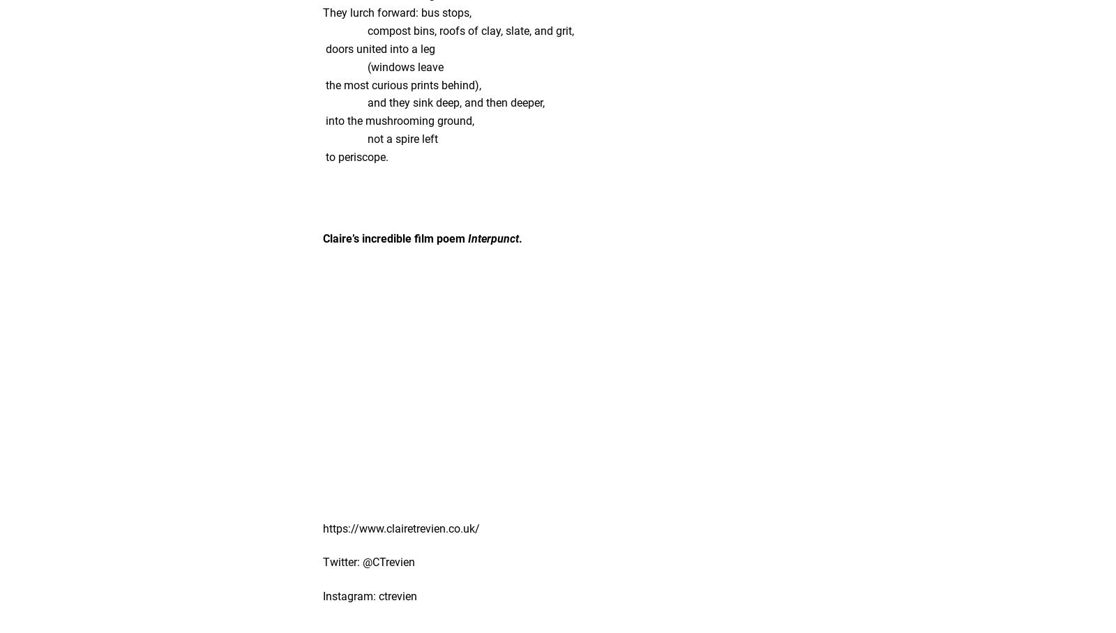  What do you see at coordinates (322, 595) in the screenshot?
I see `'Instagram: ctrevien'` at bounding box center [322, 595].